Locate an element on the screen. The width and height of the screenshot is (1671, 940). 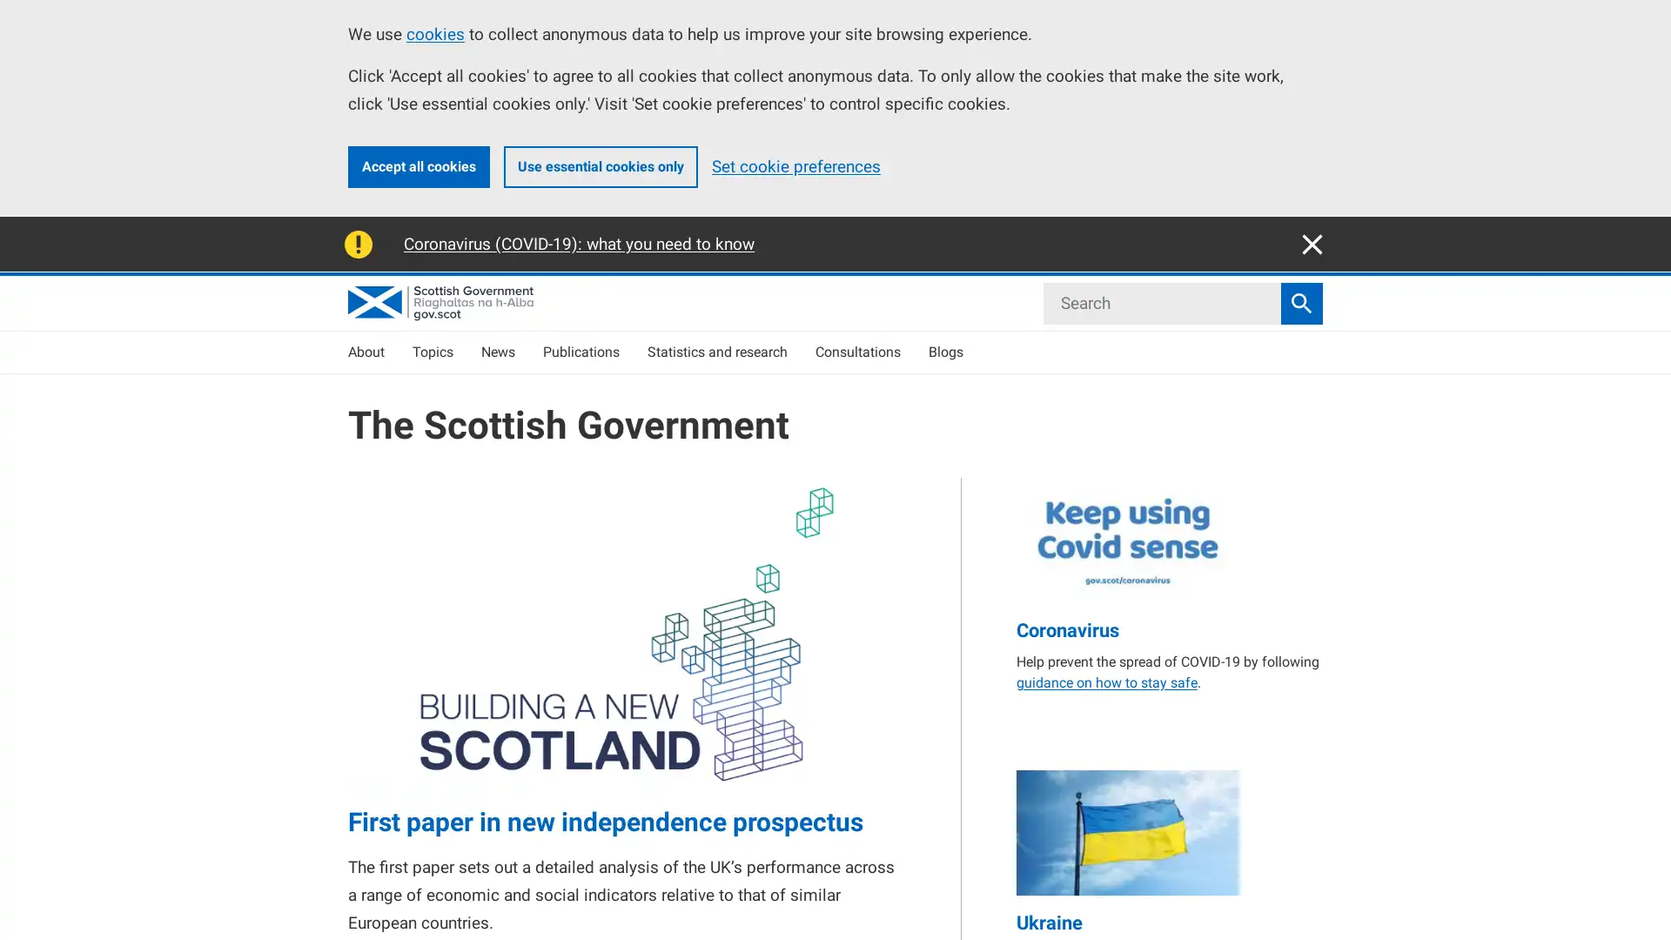
Search gov.scot is located at coordinates (1302, 301).